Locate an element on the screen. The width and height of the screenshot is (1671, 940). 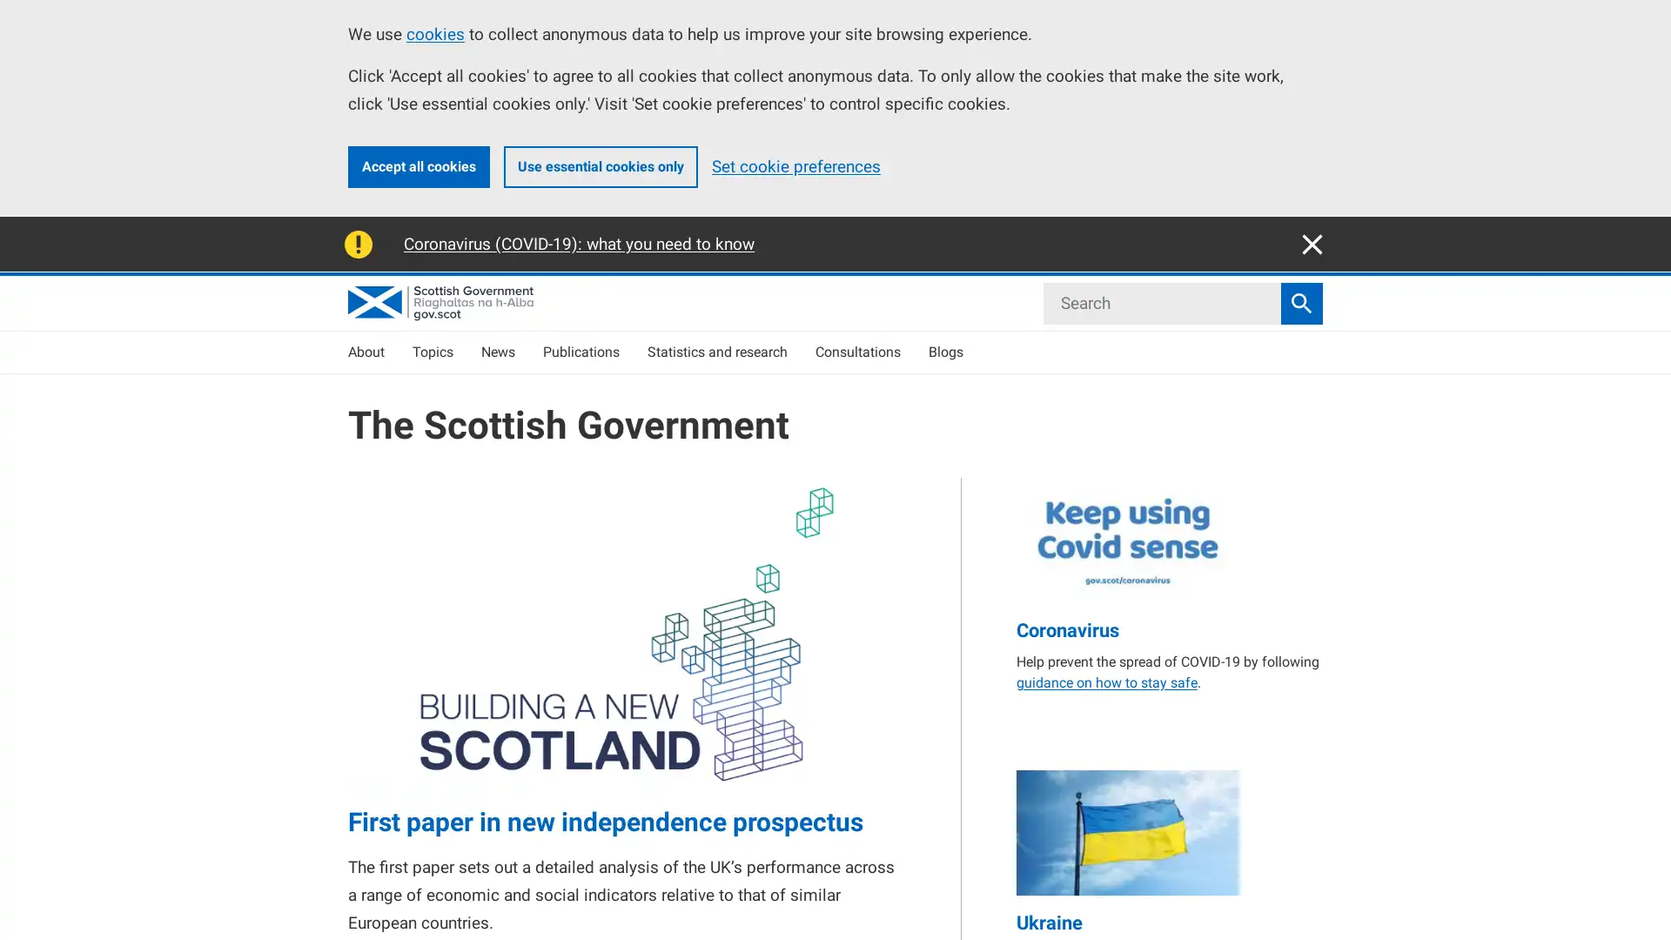
Search gov.scot is located at coordinates (1302, 301).